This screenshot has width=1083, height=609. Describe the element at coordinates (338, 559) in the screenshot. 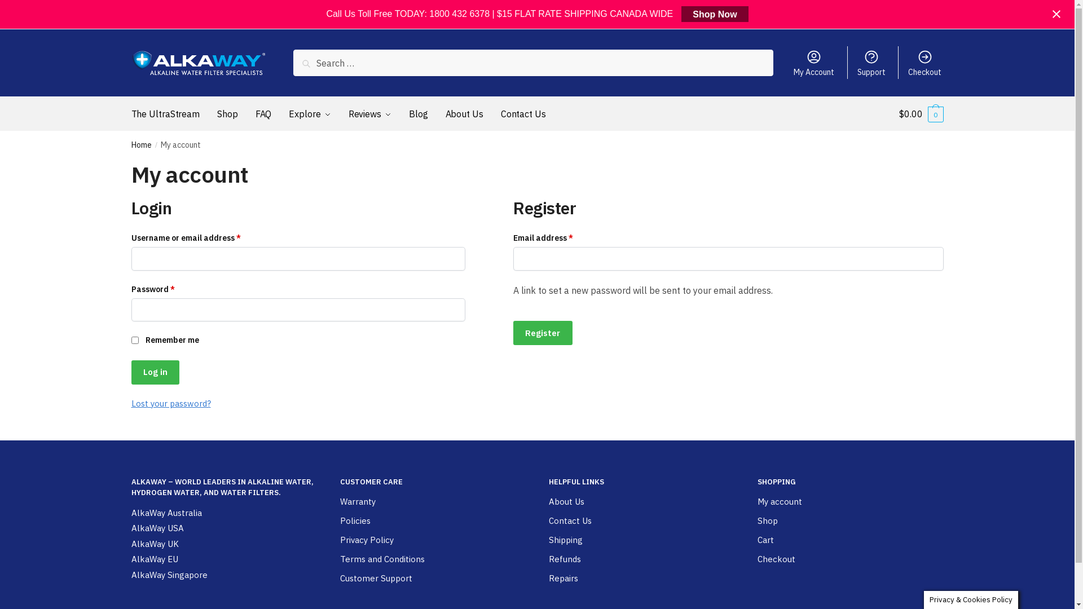

I see `'Terms and Conditions'` at that location.